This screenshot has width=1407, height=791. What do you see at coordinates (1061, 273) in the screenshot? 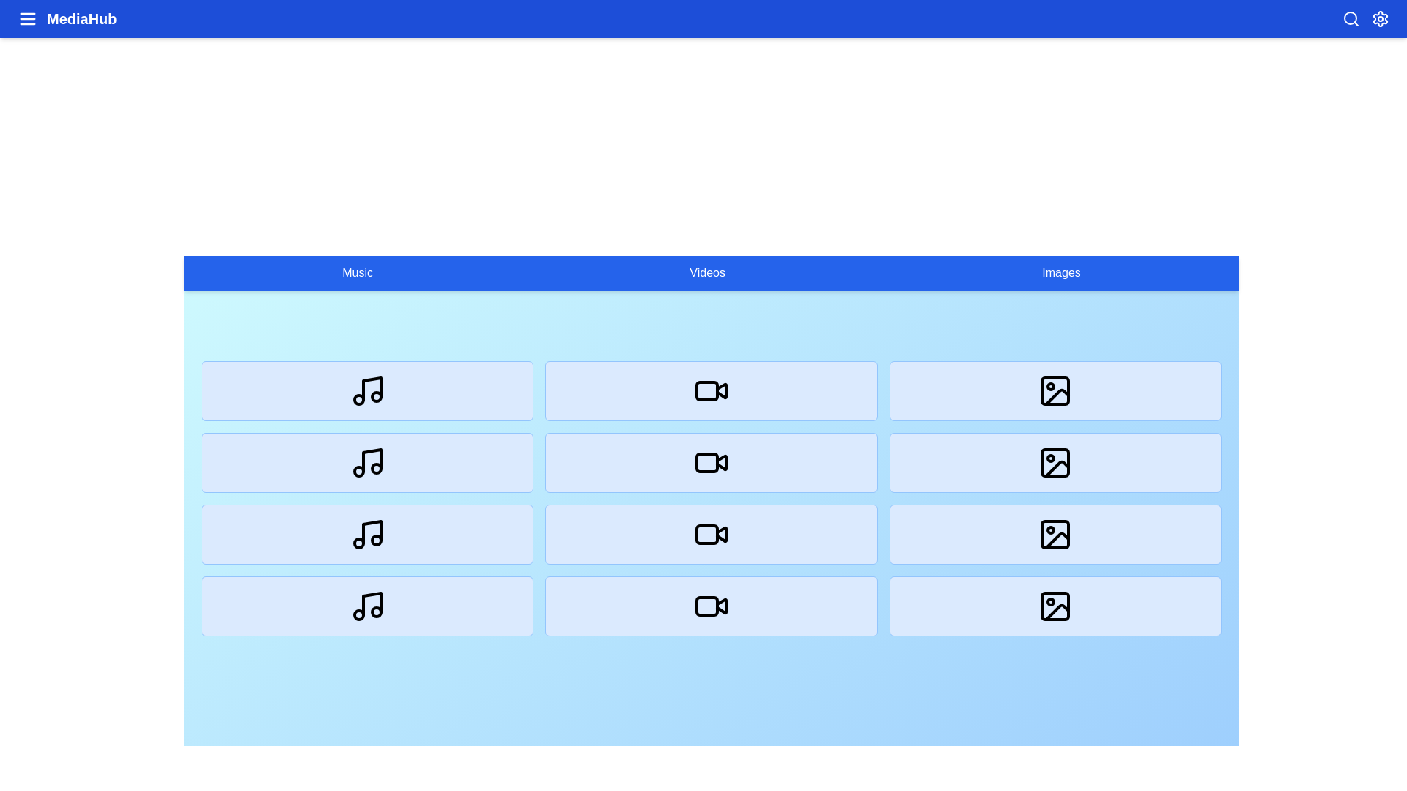
I see `the media type Images from the navigation bar` at bounding box center [1061, 273].